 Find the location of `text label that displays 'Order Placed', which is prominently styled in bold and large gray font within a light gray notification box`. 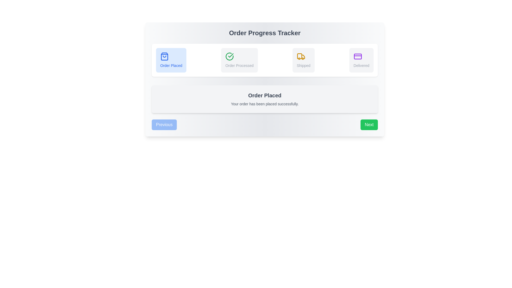

text label that displays 'Order Placed', which is prominently styled in bold and large gray font within a light gray notification box is located at coordinates (265, 95).